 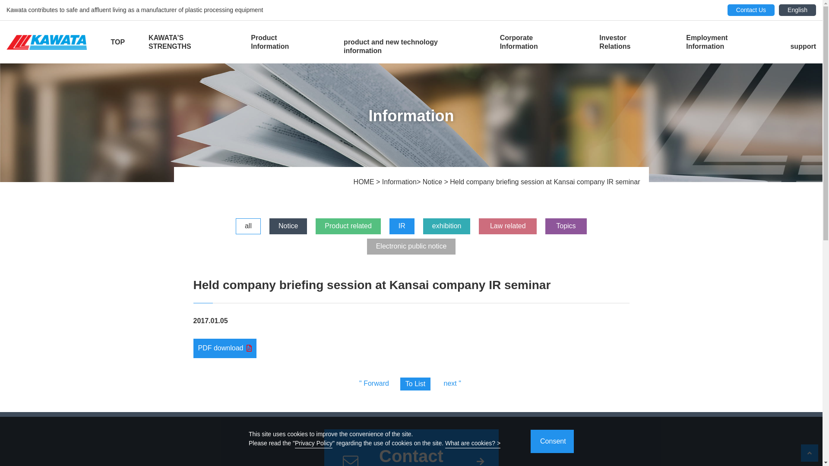 I want to click on 'Contact Us', so click(x=750, y=10).